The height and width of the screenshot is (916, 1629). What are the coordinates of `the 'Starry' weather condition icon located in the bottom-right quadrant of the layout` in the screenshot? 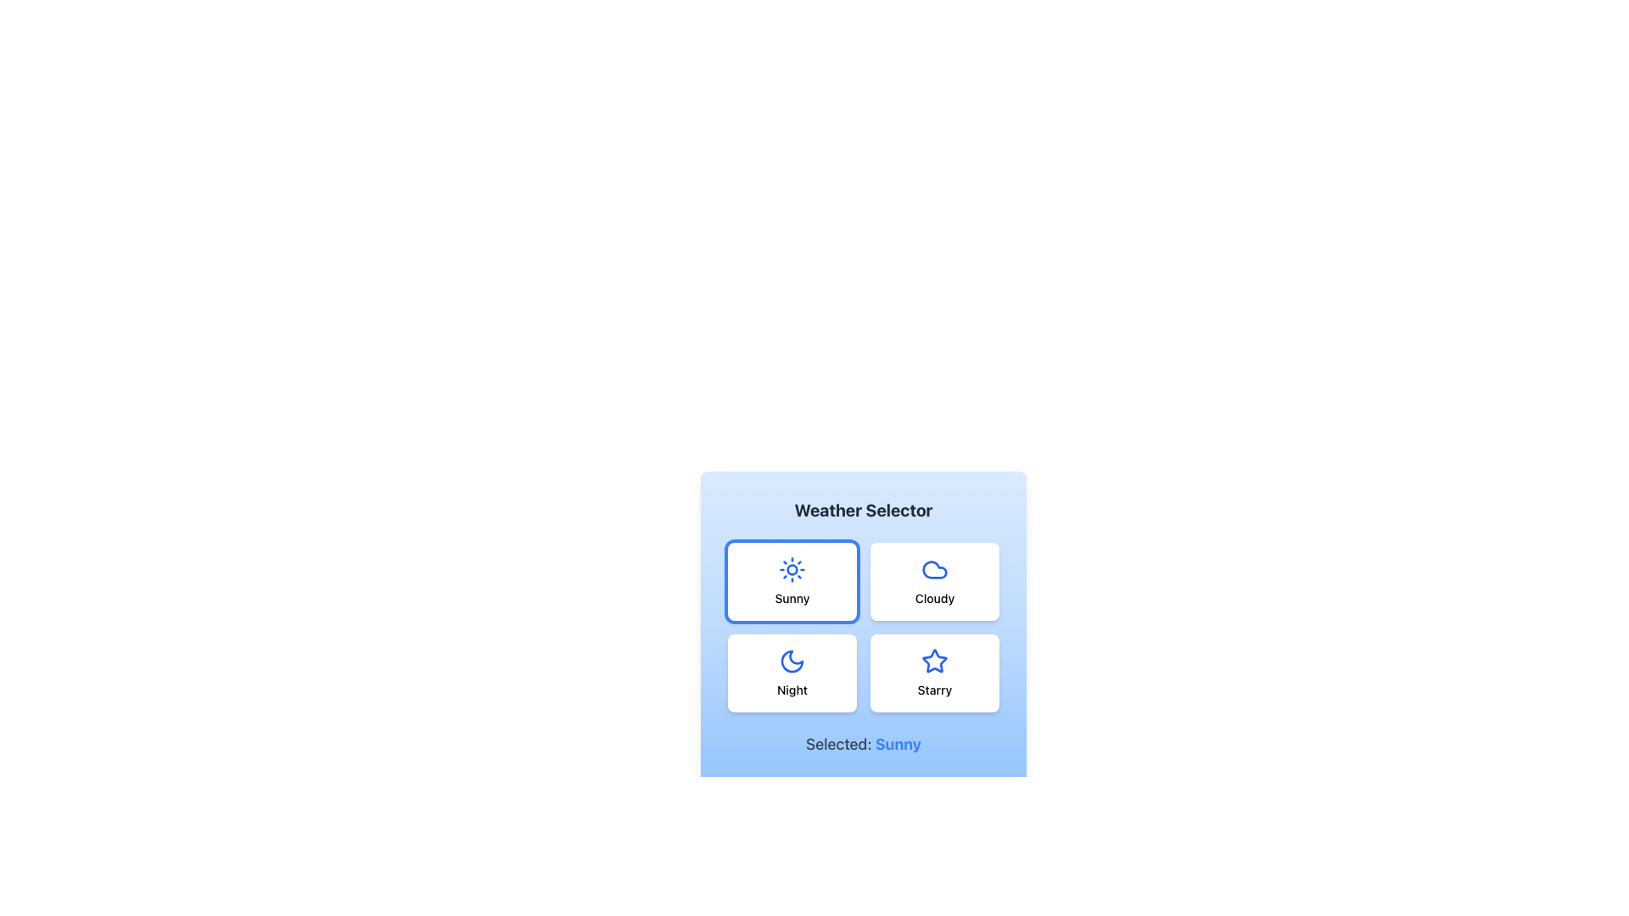 It's located at (932, 660).